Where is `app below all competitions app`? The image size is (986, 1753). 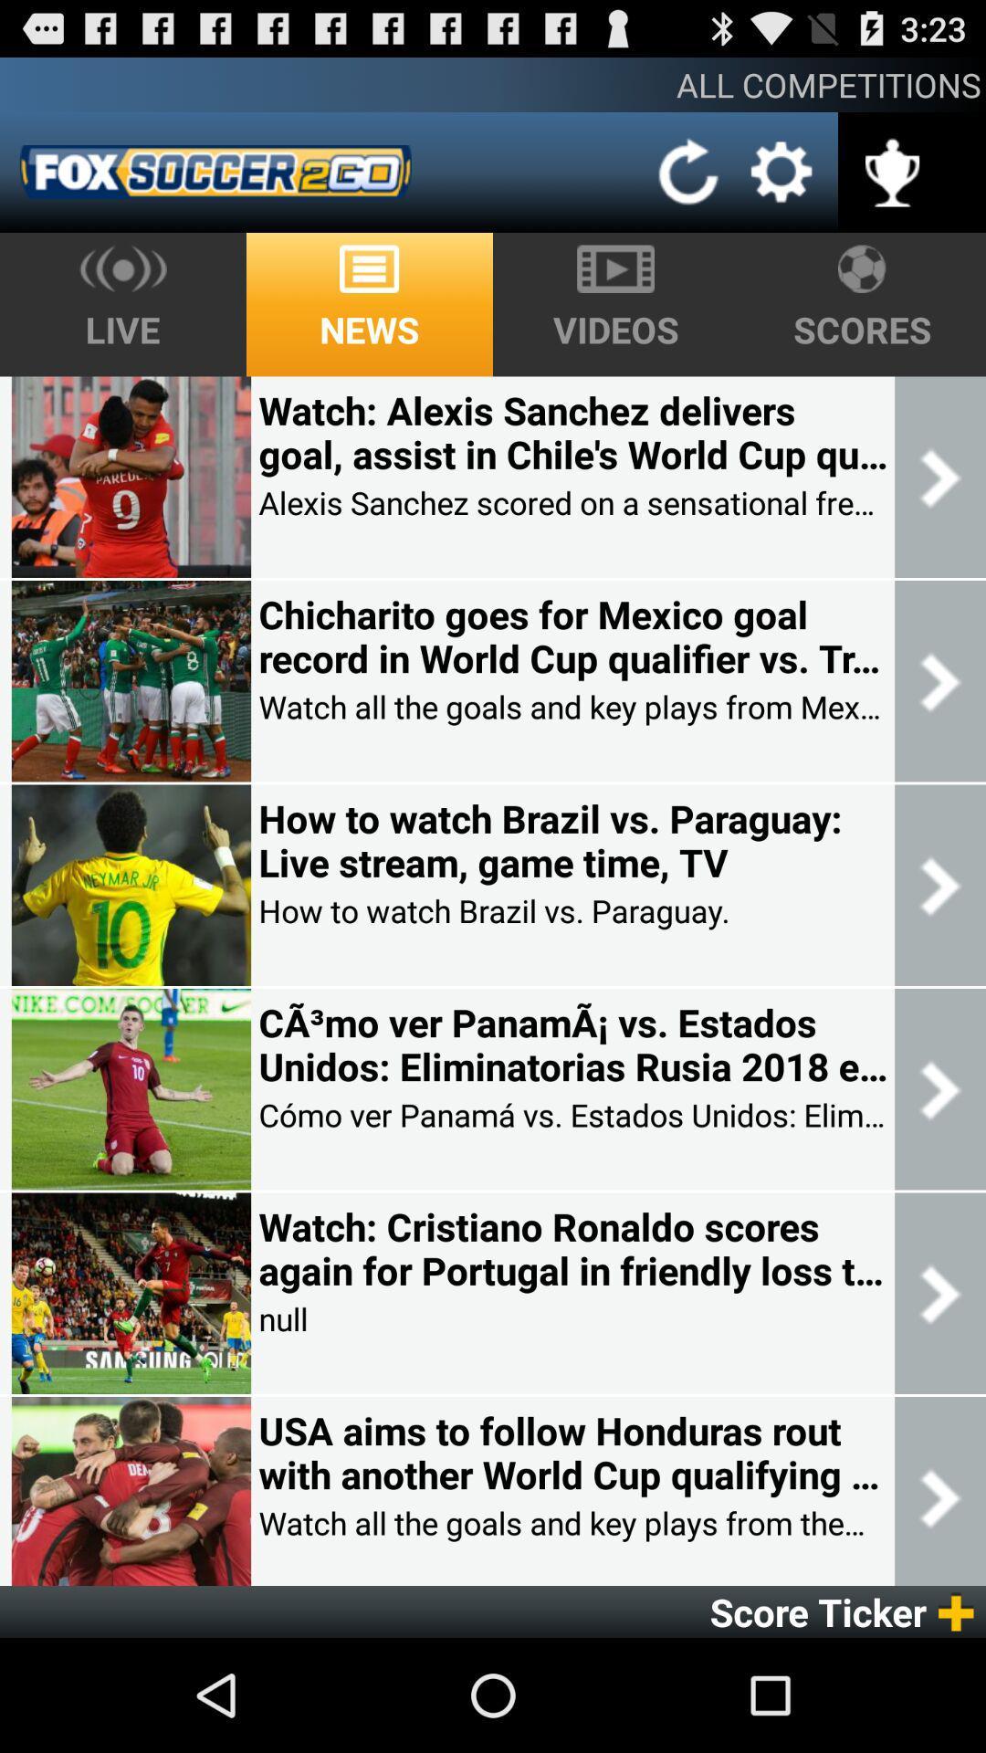 app below all competitions app is located at coordinates (689, 172).